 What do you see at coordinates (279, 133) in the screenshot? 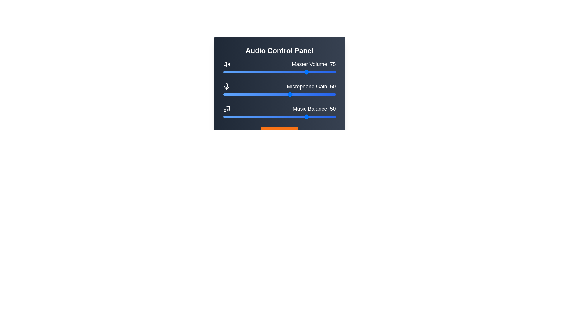
I see `the 'Hide Settings' button to toggle the visibility of the settings section` at bounding box center [279, 133].